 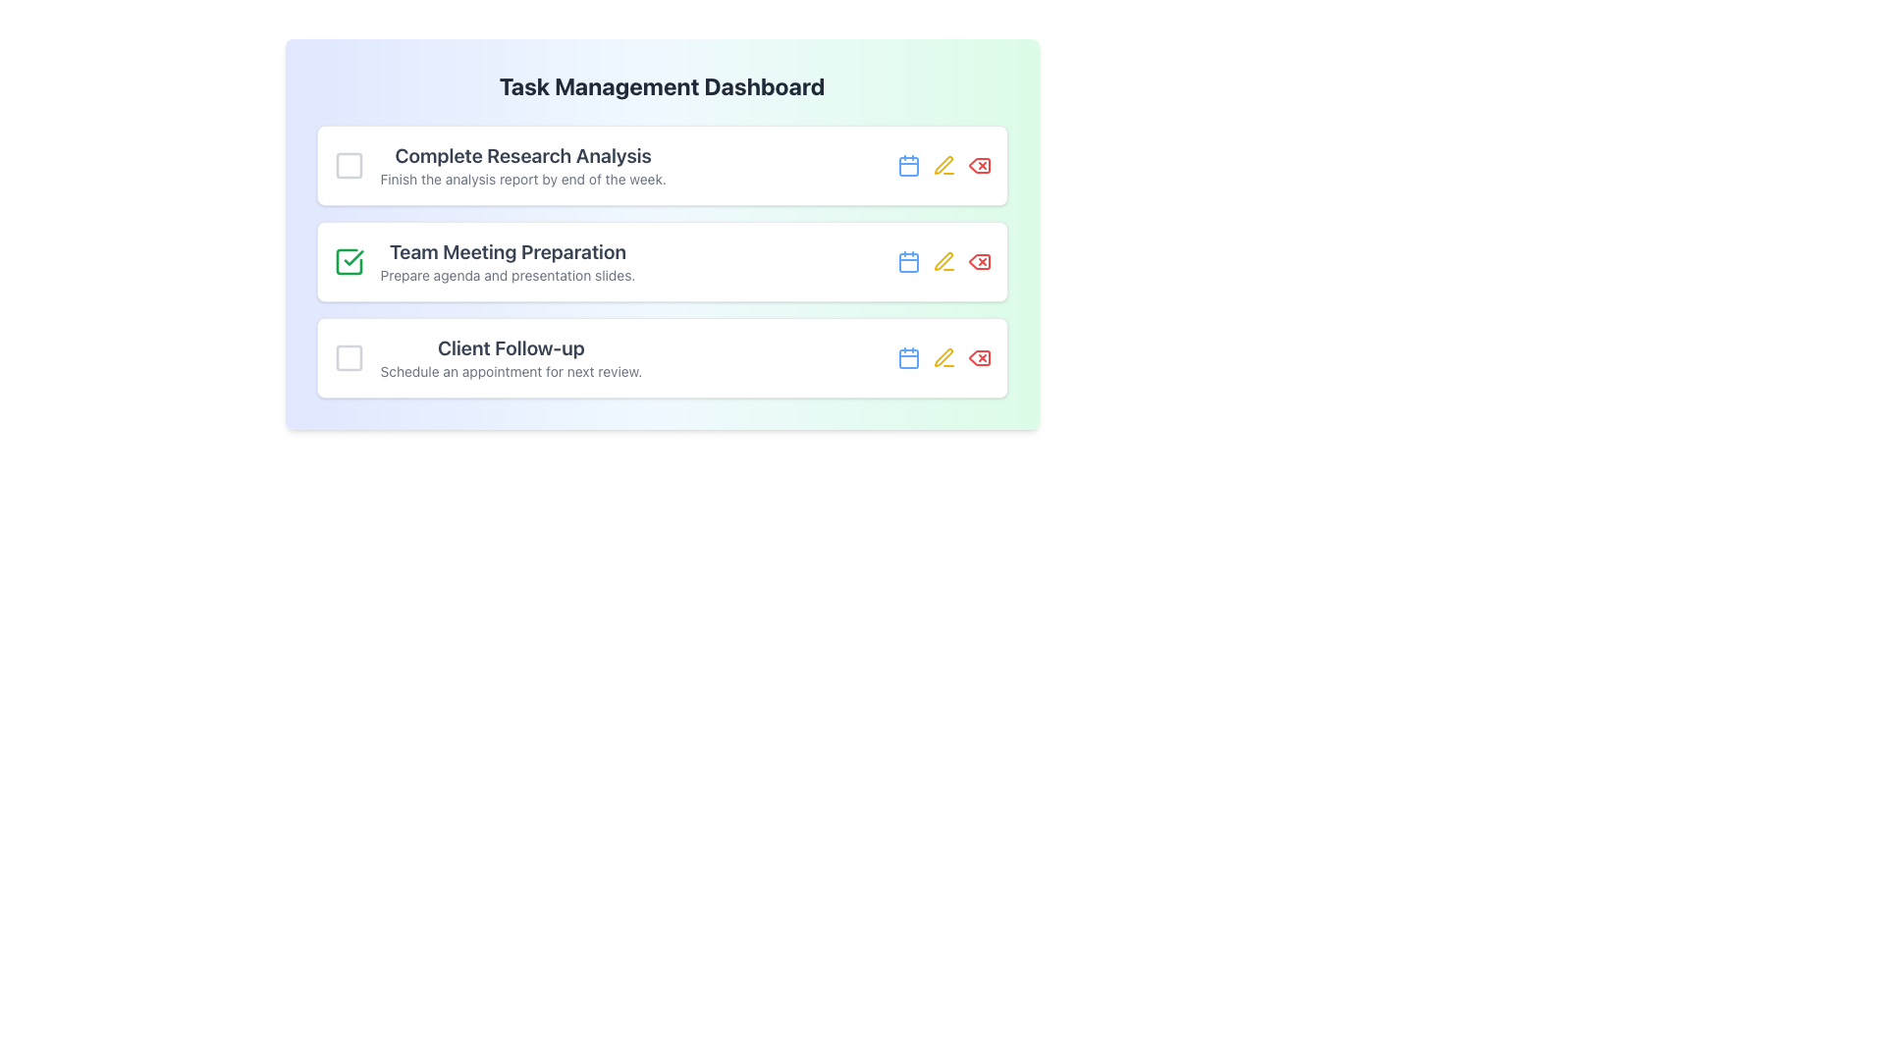 What do you see at coordinates (942, 260) in the screenshot?
I see `the 'Edit' button located in the right section of the 'Team Meeting Preparation' task row, next to the blue calendar icon` at bounding box center [942, 260].